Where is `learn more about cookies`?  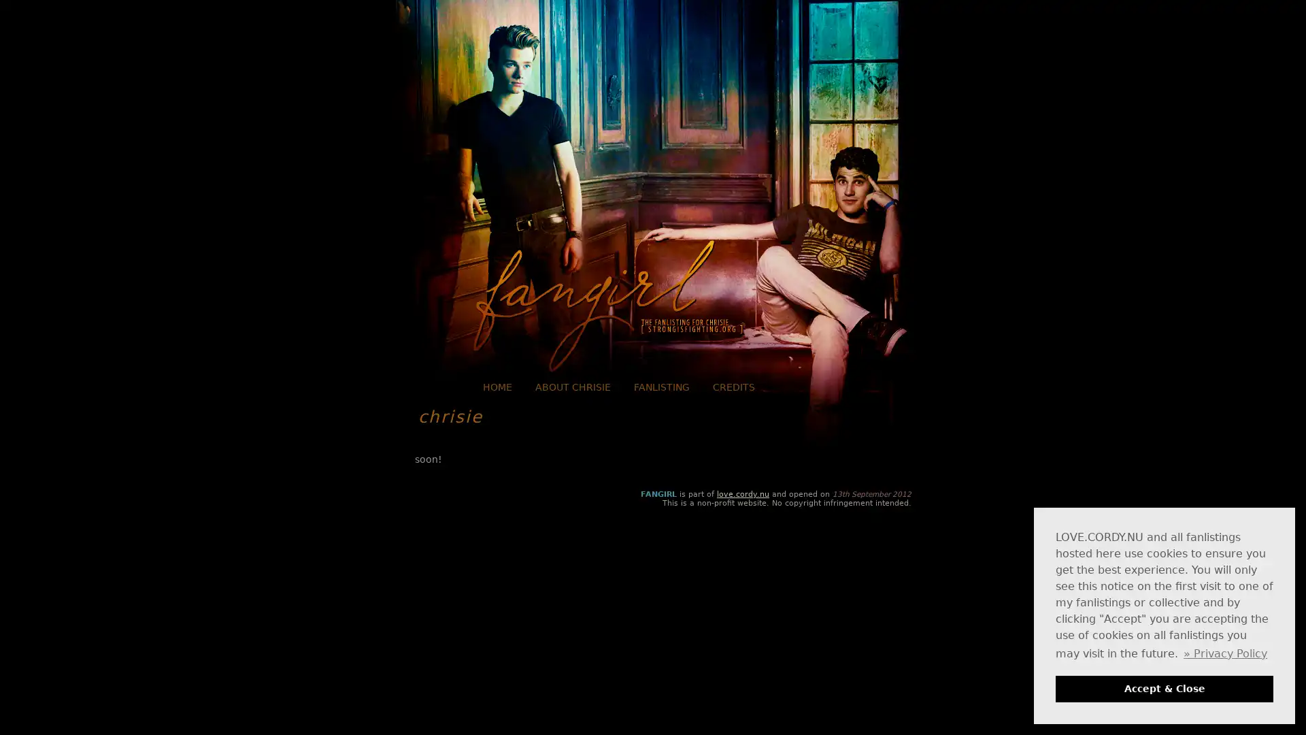
learn more about cookies is located at coordinates (1225, 653).